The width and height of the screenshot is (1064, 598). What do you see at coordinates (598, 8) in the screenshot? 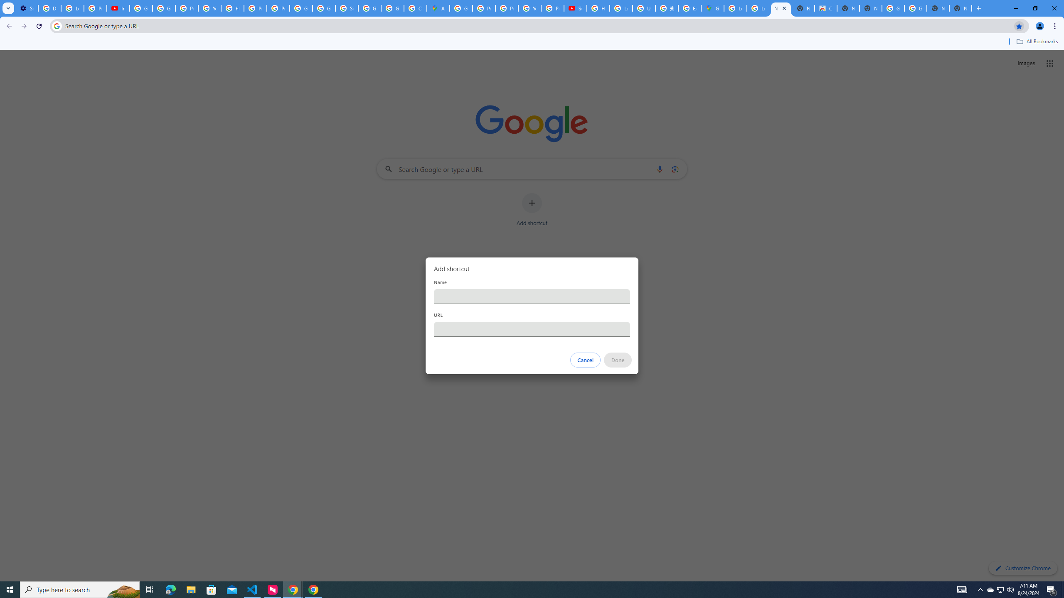
I see `'How Chrome protects your passwords - Google Chrome Help'` at bounding box center [598, 8].